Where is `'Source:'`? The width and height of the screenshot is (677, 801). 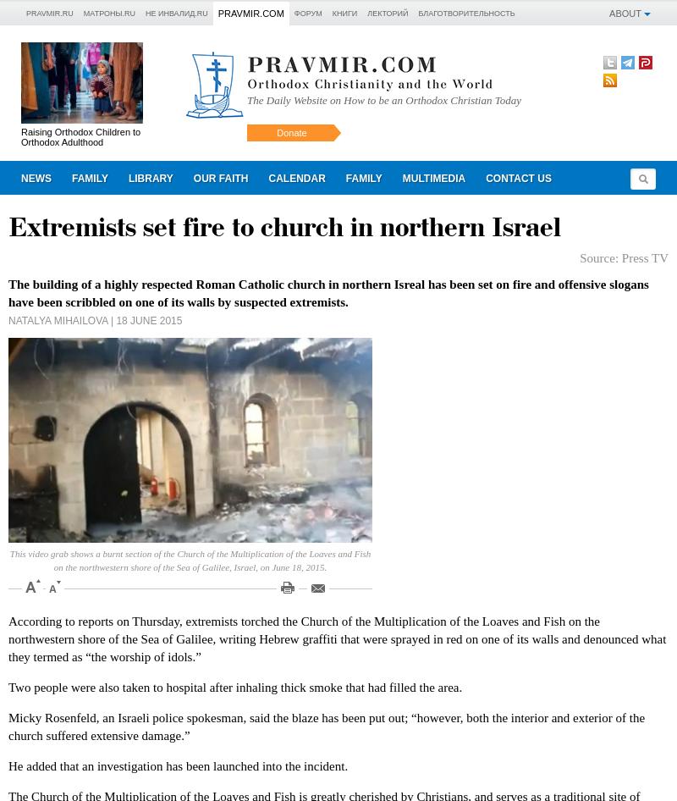
'Source:' is located at coordinates (599, 257).